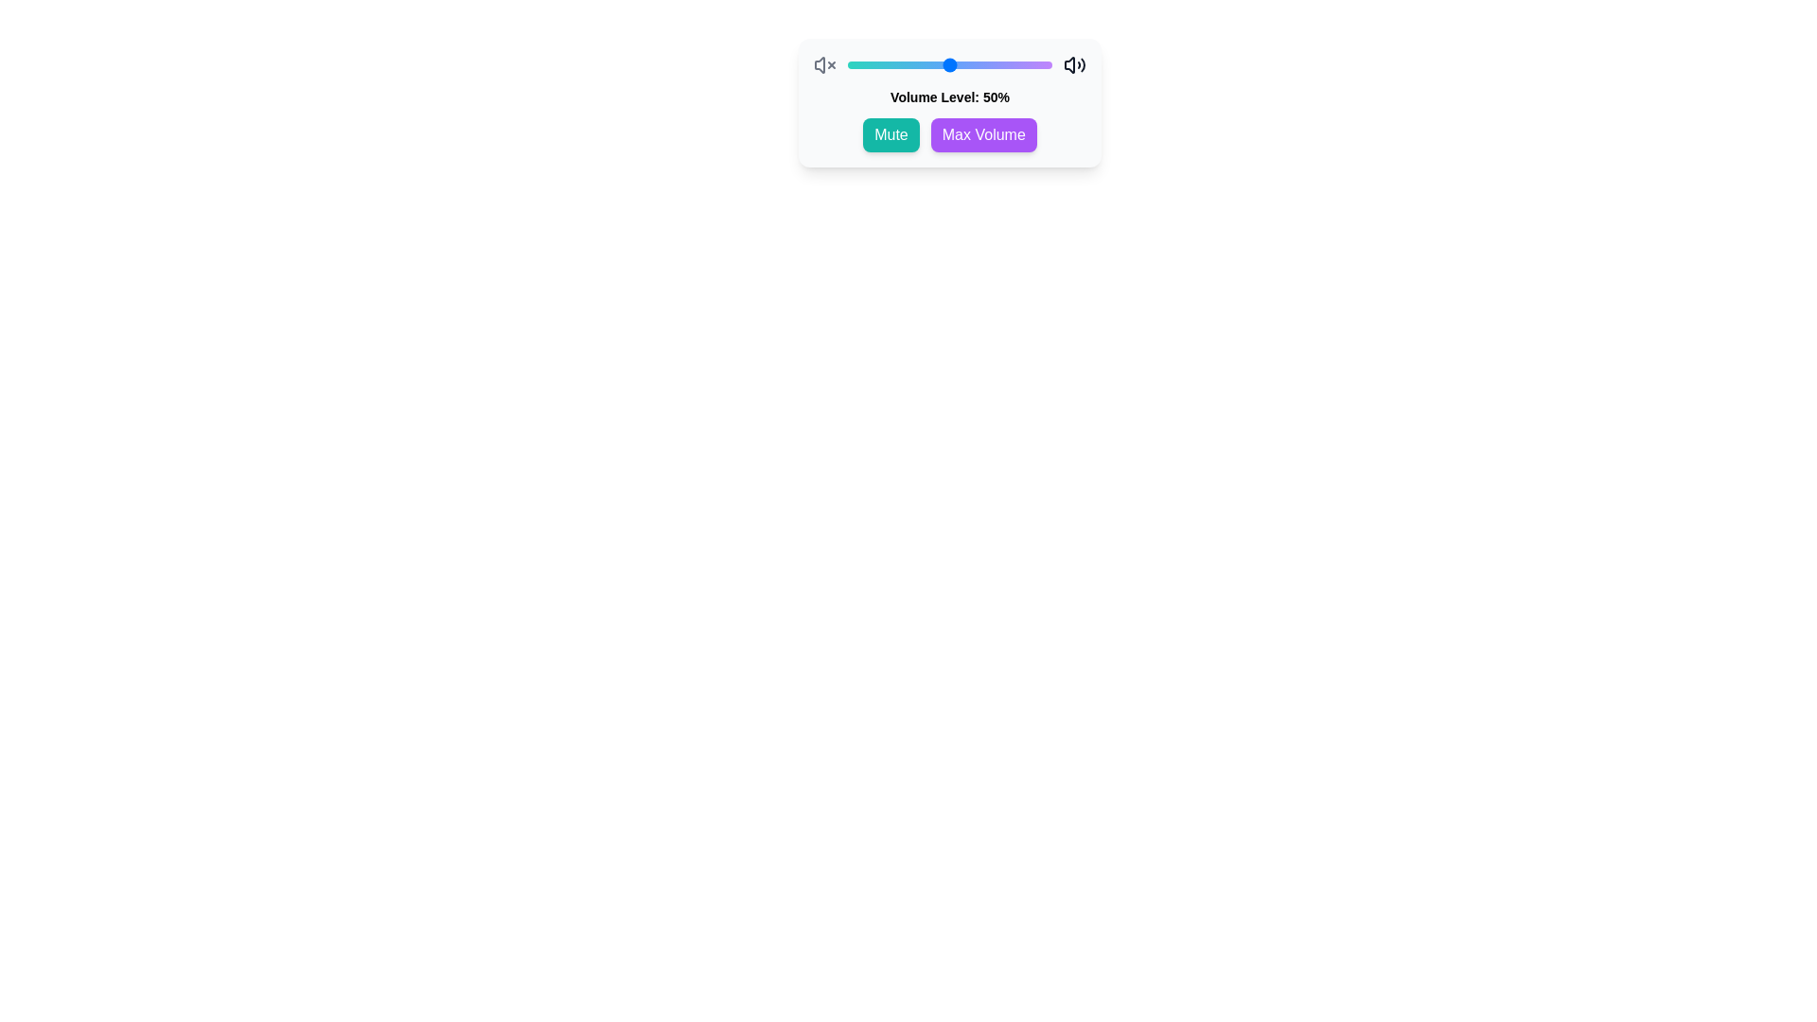  I want to click on the volume slider to set the volume level to 84%, so click(1018, 64).